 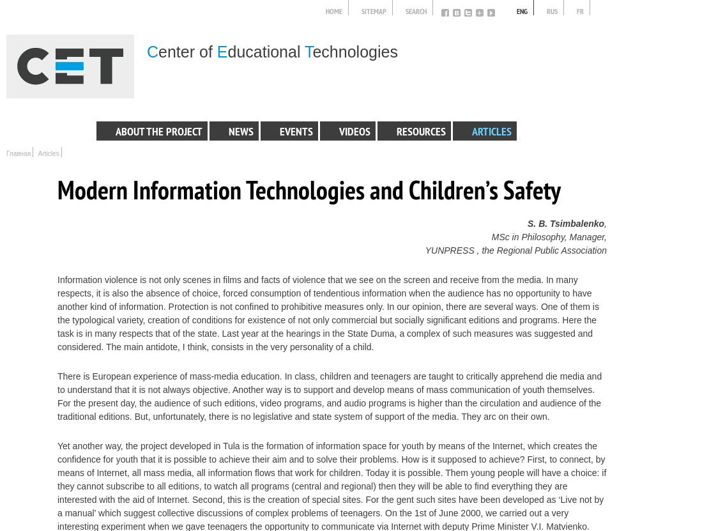 I want to click on 'Videos', so click(x=354, y=131).